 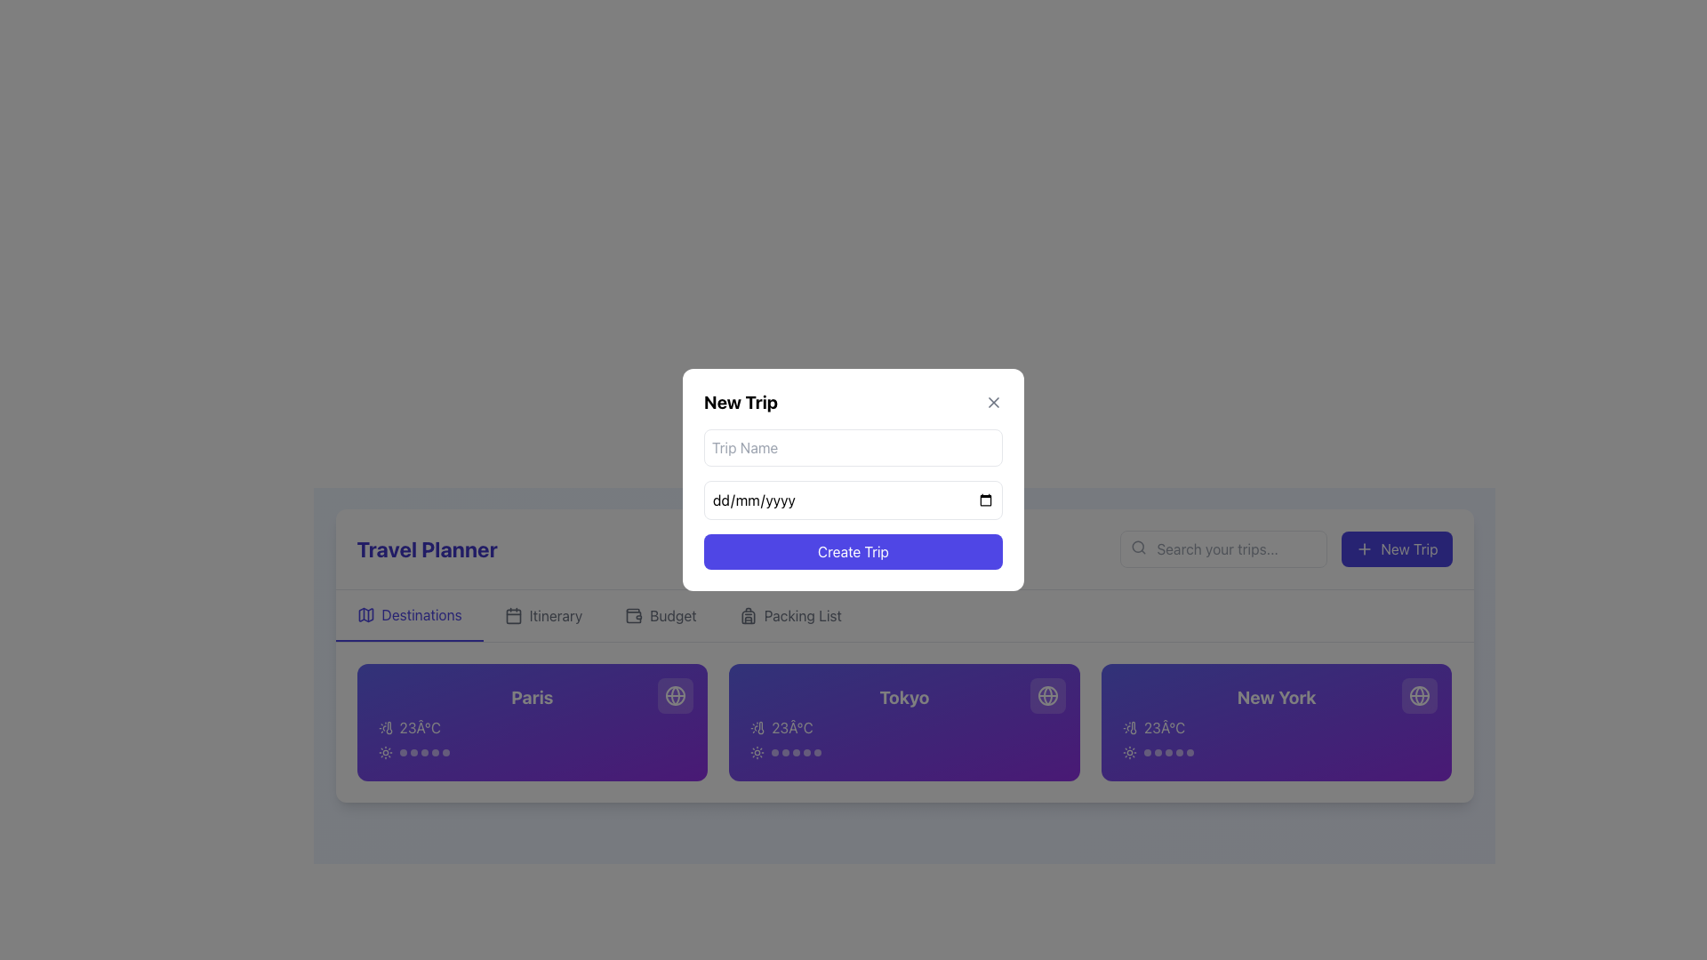 What do you see at coordinates (531, 697) in the screenshot?
I see `the text label identifying the city 'Paris' in the Travel Planner section, which is the first label among similar city labels` at bounding box center [531, 697].